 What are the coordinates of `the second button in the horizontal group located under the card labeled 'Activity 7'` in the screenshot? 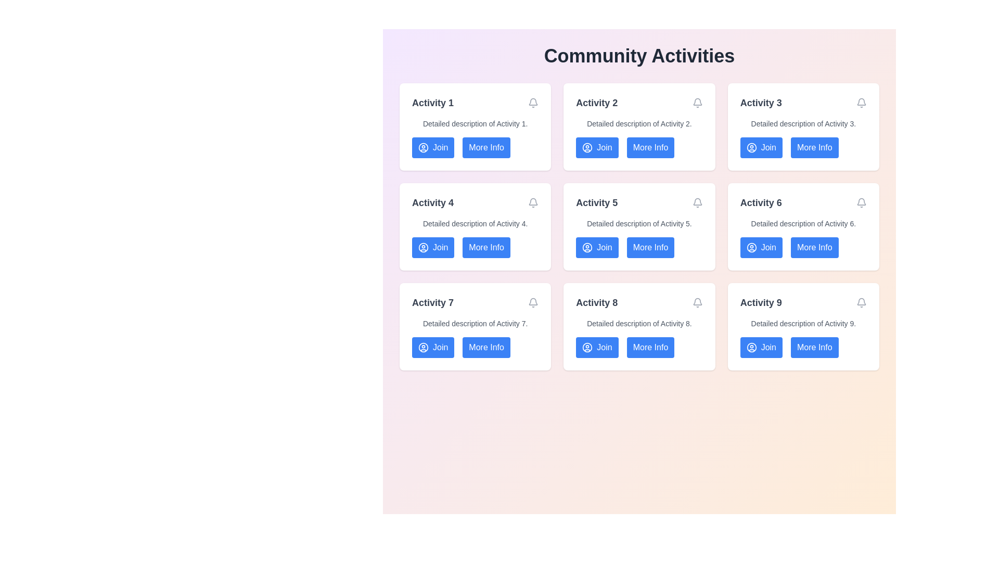 It's located at (486, 347).